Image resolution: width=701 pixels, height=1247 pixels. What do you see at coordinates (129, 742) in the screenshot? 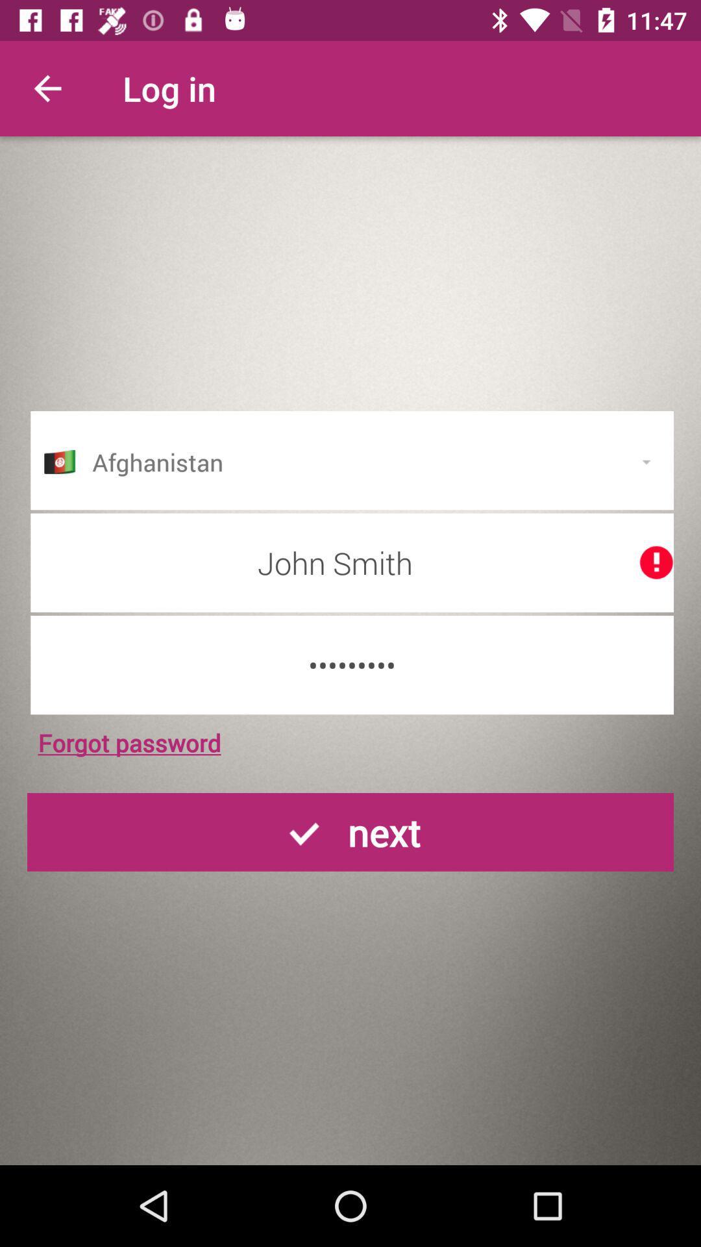
I see `the icon below crowd3116 icon` at bounding box center [129, 742].